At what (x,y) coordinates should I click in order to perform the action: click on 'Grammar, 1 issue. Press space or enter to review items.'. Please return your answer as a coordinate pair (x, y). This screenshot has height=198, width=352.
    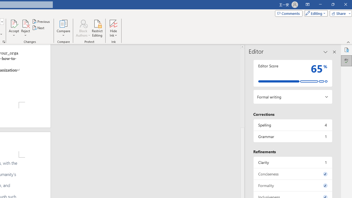
    Looking at the image, I should click on (292, 136).